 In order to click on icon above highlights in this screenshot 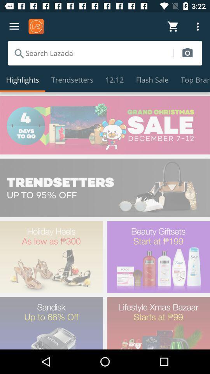, I will do `click(90, 53)`.